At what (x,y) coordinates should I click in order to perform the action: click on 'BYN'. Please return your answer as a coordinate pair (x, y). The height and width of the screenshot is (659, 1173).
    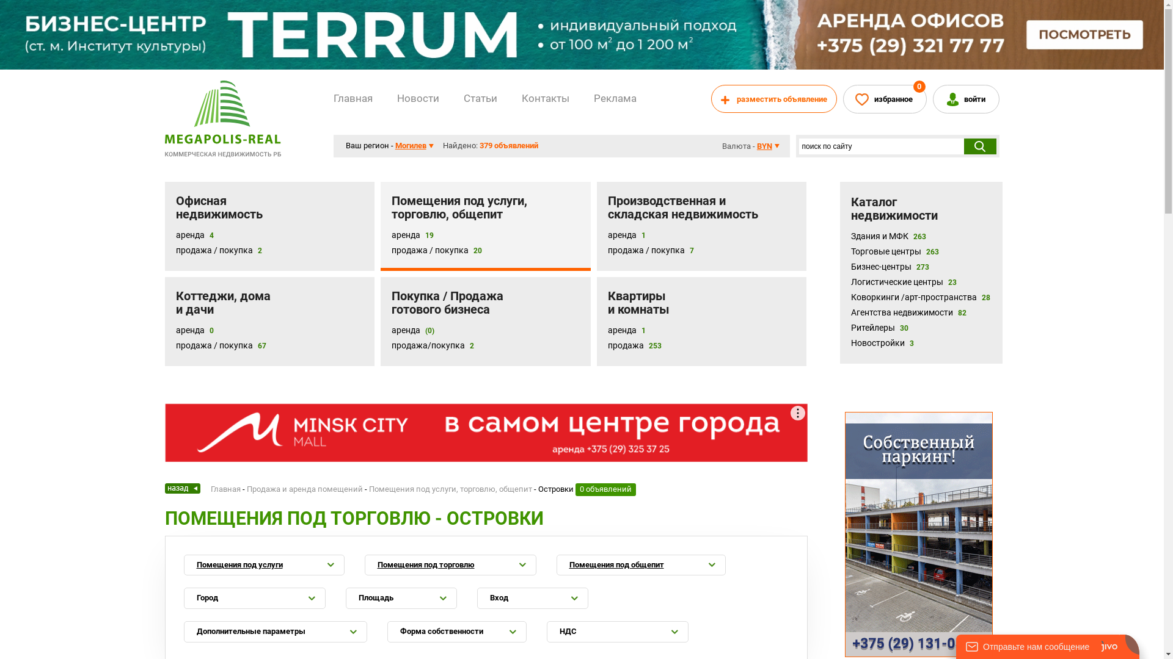
    Looking at the image, I should click on (767, 145).